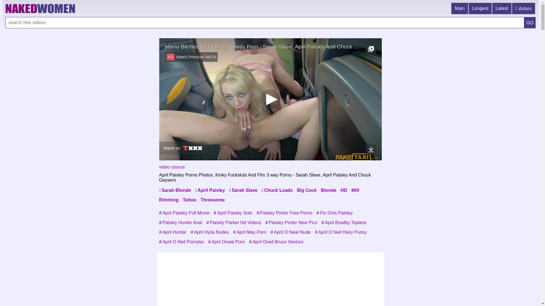 The width and height of the screenshot is (545, 306). What do you see at coordinates (290, 232) in the screenshot?
I see `'April O Neal Nude'` at bounding box center [290, 232].